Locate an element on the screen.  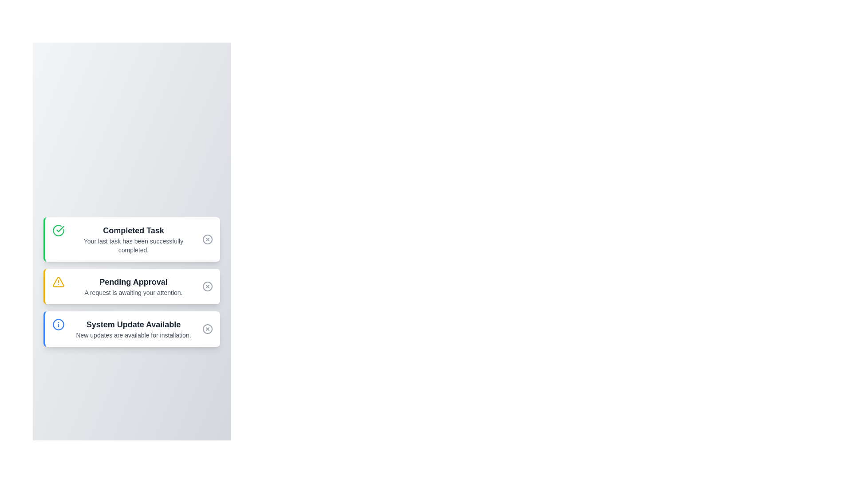
close button for the alert with title System Update Available is located at coordinates (207, 329).